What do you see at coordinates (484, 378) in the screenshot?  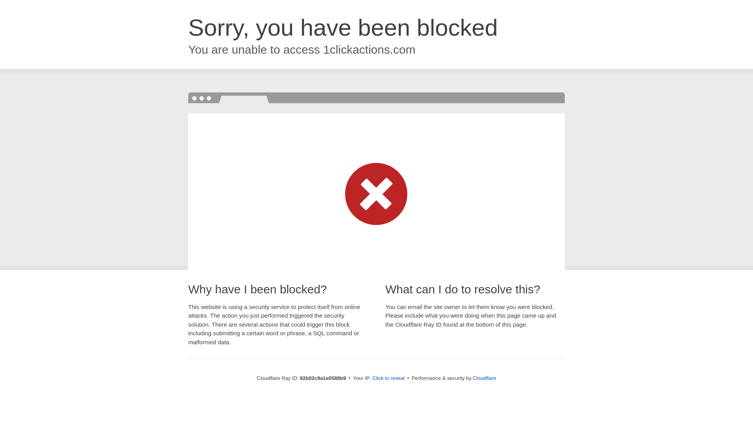 I see `'Cloudflare'` at bounding box center [484, 378].